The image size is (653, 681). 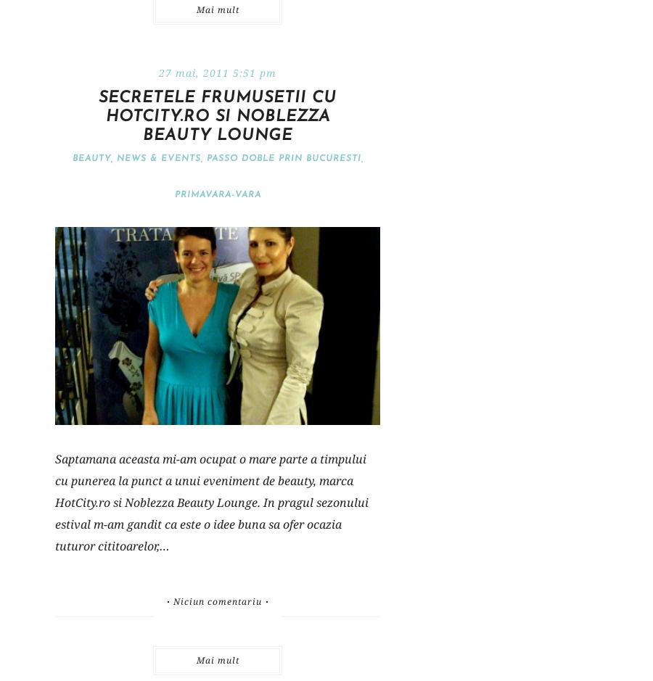 I want to click on 'Secretele frumusetii cu HotCity.ro si Noblezza Beauty Lounge', so click(x=216, y=117).